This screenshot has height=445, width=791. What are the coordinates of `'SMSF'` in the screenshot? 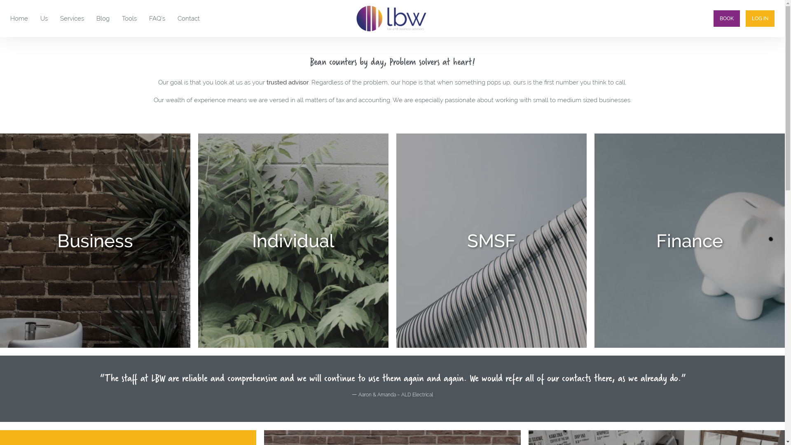 It's located at (491, 240).